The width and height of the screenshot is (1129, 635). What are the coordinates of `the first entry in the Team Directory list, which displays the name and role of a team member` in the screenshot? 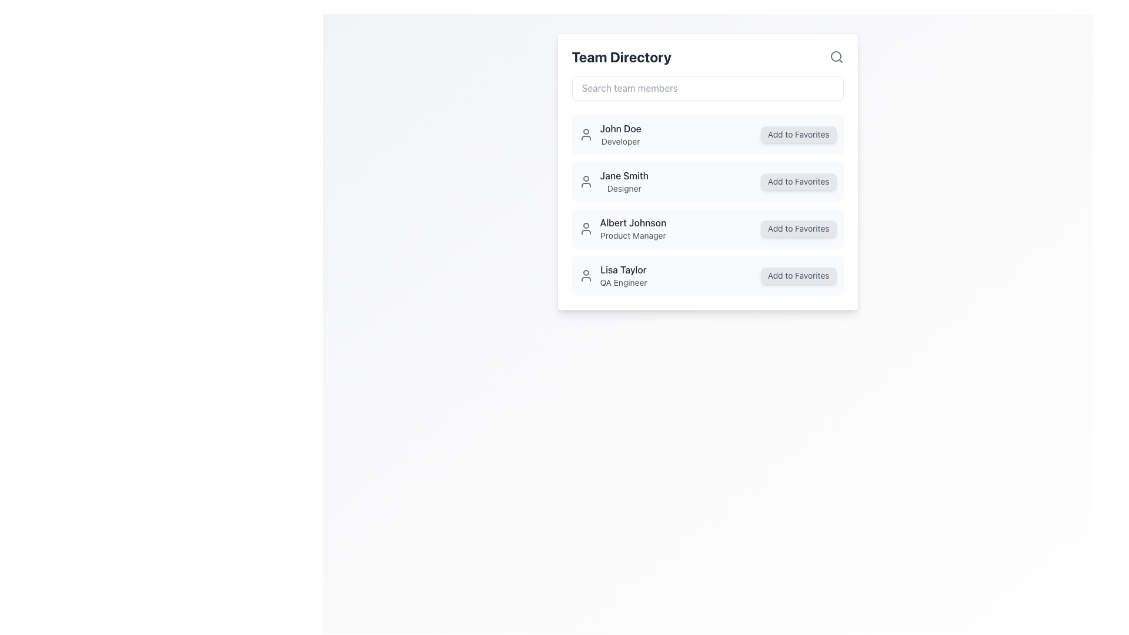 It's located at (610, 133).